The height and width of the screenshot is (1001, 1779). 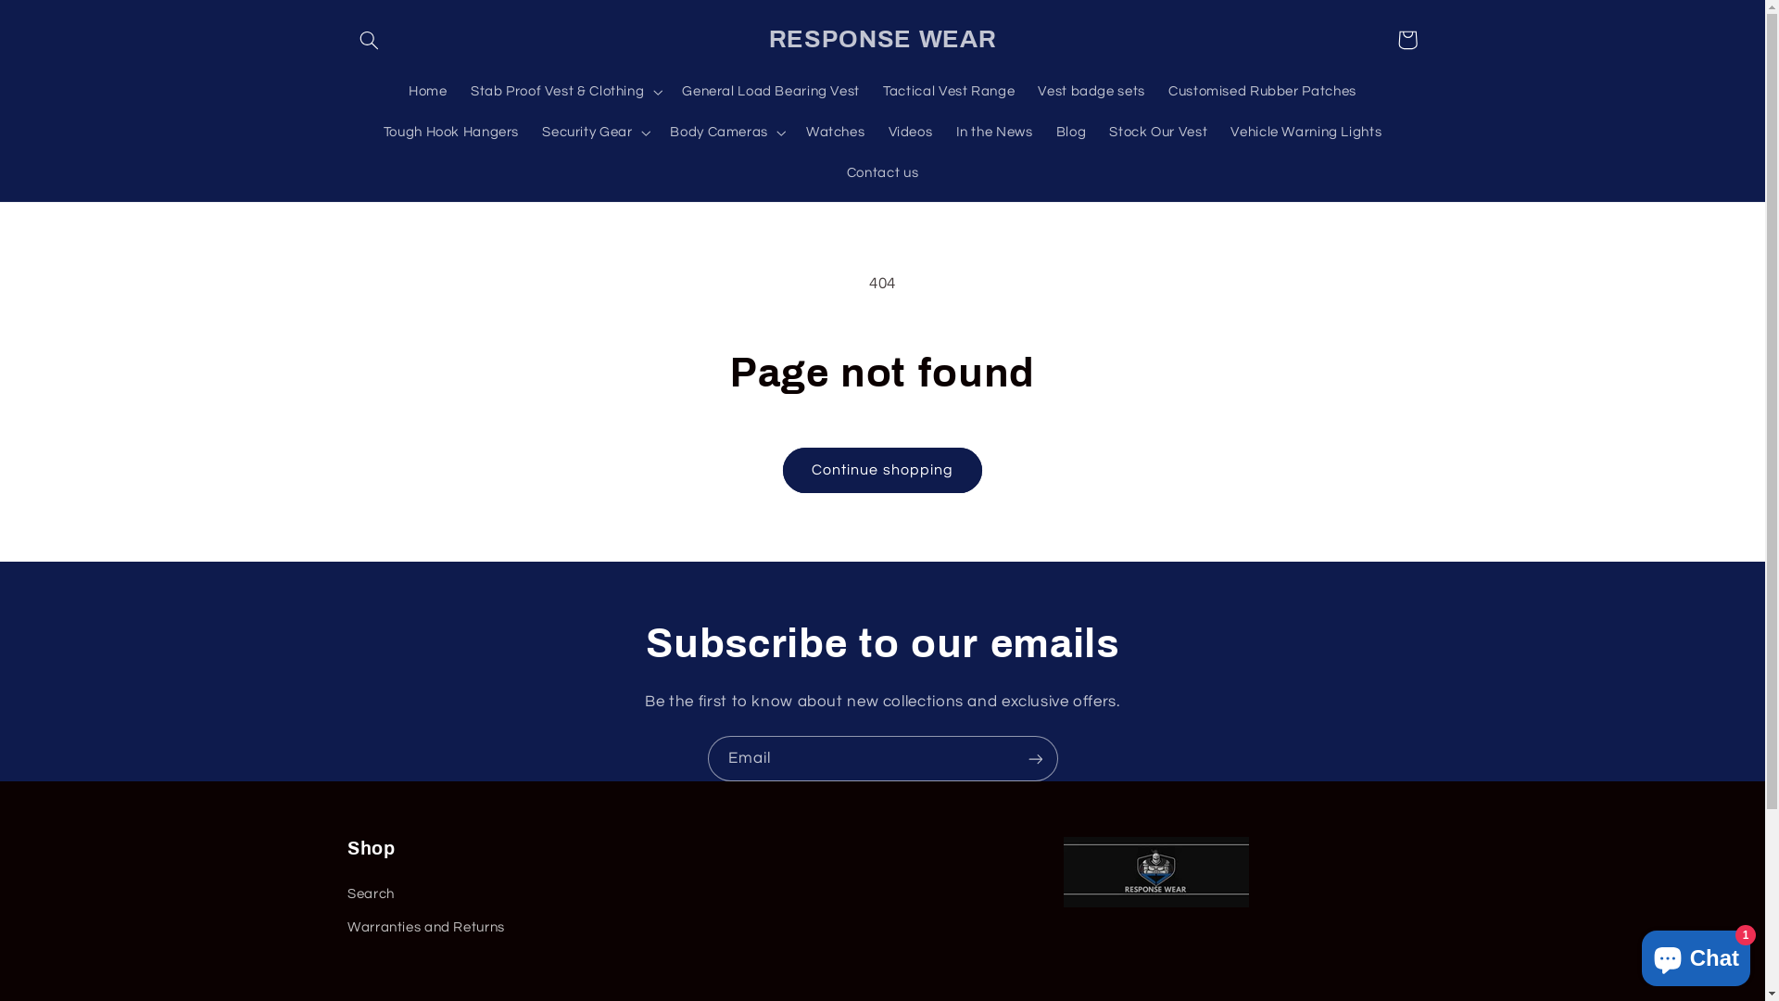 What do you see at coordinates (993, 131) in the screenshot?
I see `'In the News'` at bounding box center [993, 131].